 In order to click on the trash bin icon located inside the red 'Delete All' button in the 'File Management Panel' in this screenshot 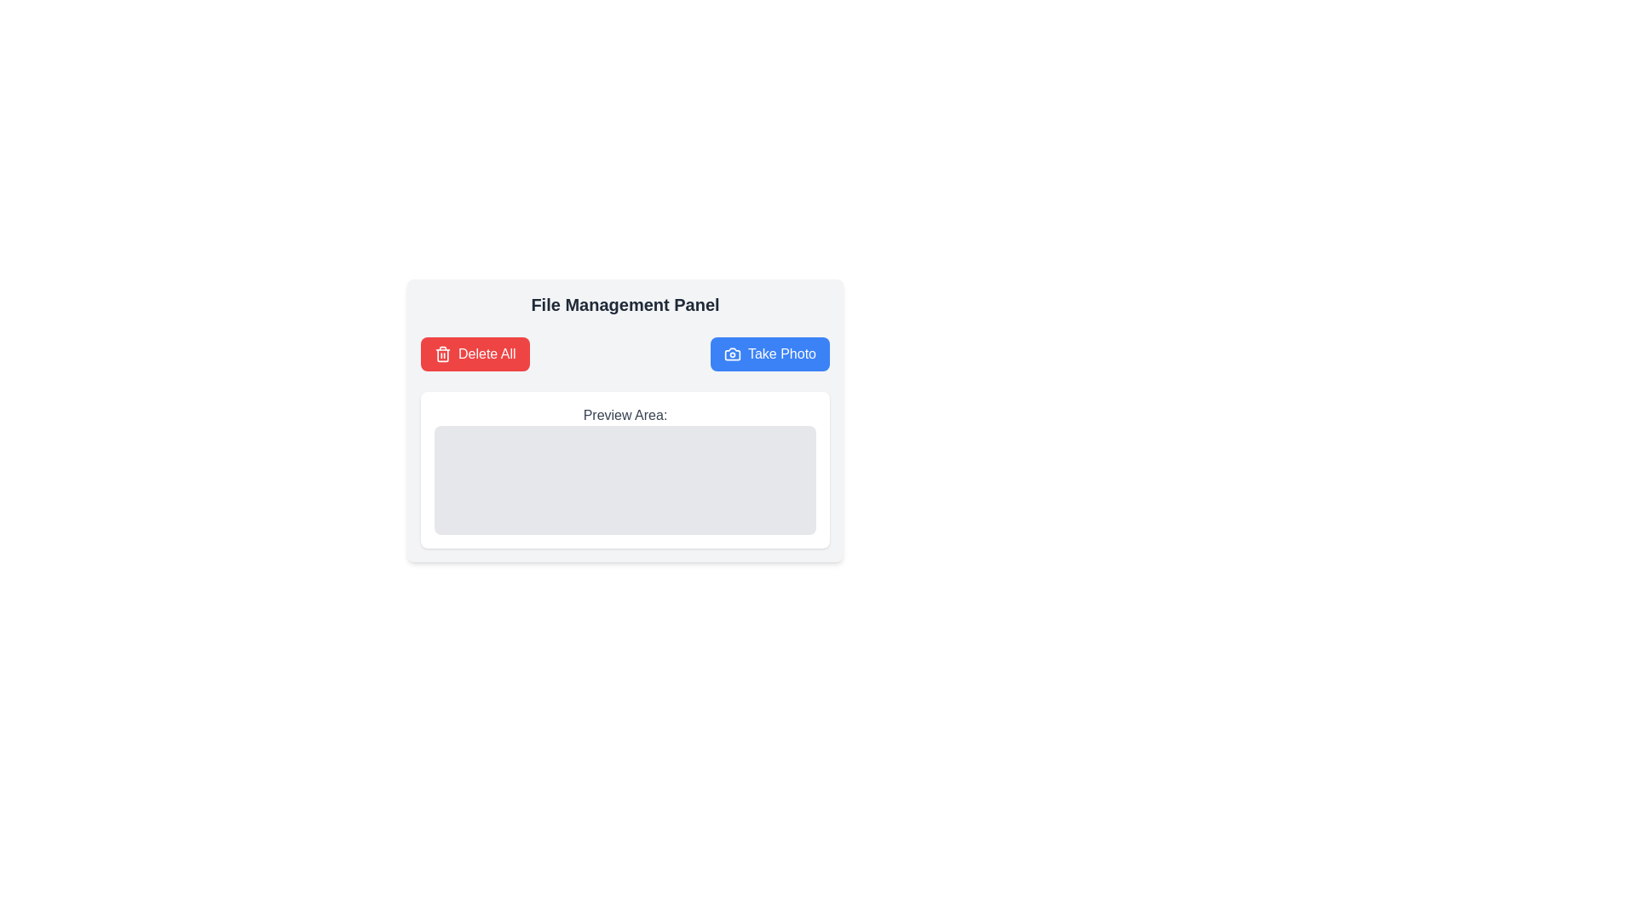, I will do `click(442, 354)`.